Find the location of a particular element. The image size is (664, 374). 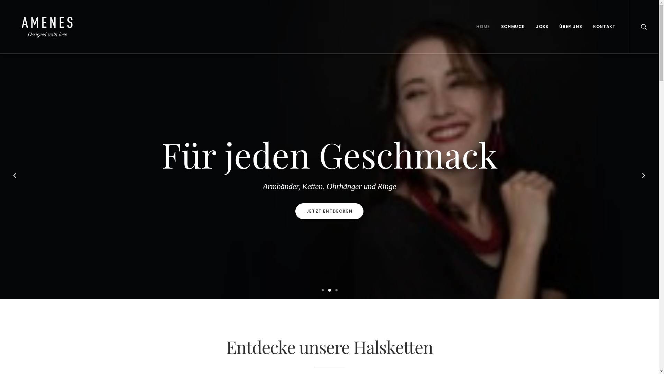

'JETZT ENTDECKEN' is located at coordinates (329, 211).